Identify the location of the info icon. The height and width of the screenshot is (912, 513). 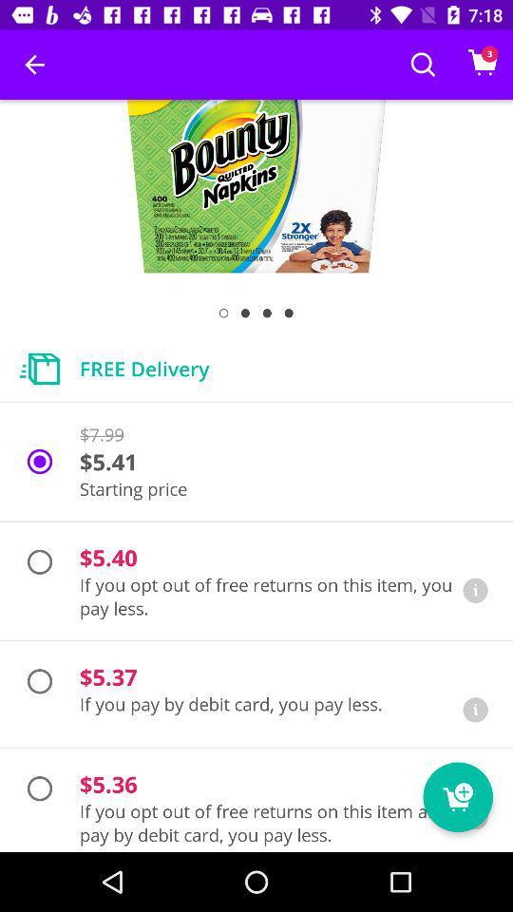
(474, 589).